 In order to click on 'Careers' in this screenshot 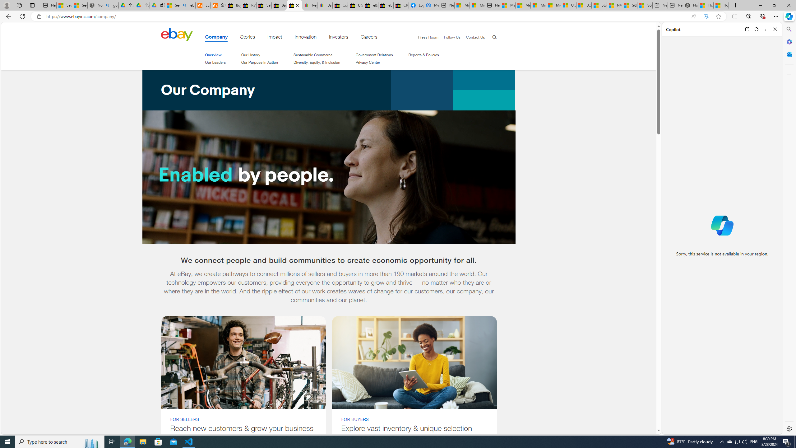, I will do `click(369, 38)`.